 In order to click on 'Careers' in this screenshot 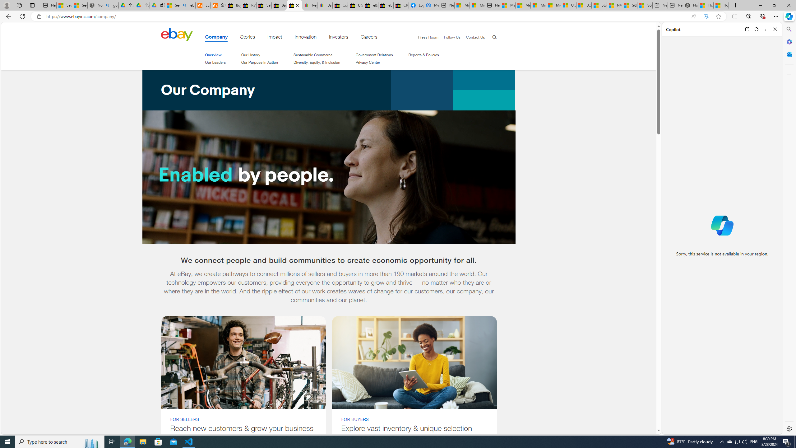, I will do `click(369, 38)`.